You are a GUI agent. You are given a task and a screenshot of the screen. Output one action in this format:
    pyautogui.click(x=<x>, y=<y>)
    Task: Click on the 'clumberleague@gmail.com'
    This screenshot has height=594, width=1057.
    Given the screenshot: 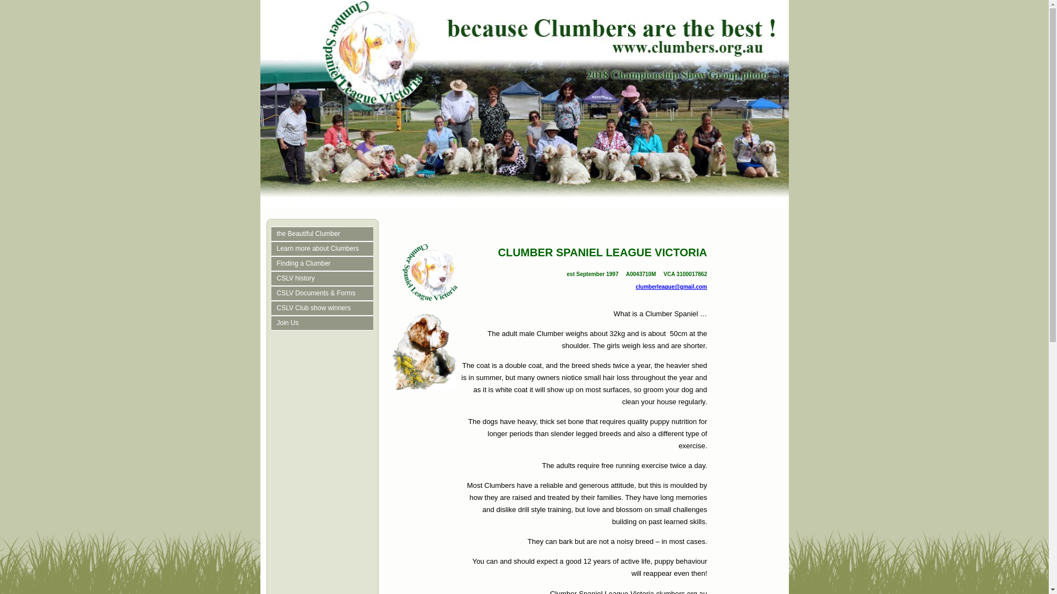 What is the action you would take?
    pyautogui.click(x=671, y=286)
    